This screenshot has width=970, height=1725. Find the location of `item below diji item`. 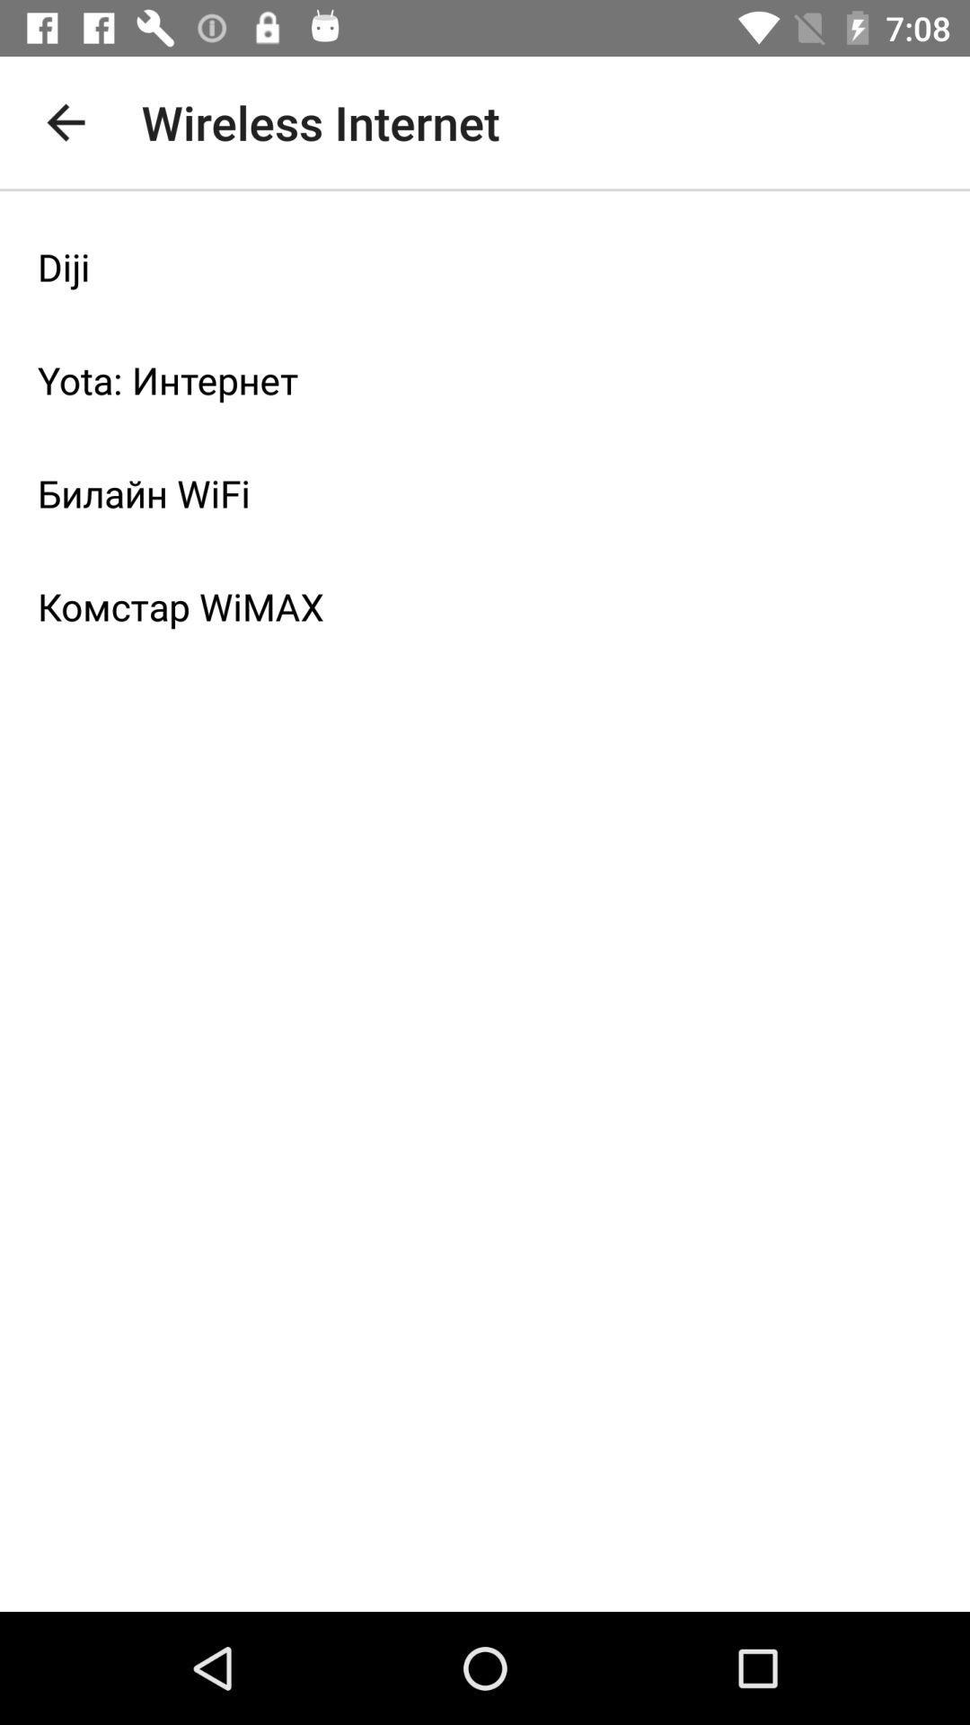

item below diji item is located at coordinates (485, 378).